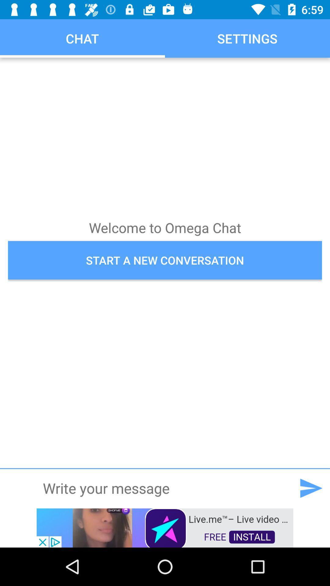  Describe the element at coordinates (165, 527) in the screenshot. I see `click advertisement` at that location.